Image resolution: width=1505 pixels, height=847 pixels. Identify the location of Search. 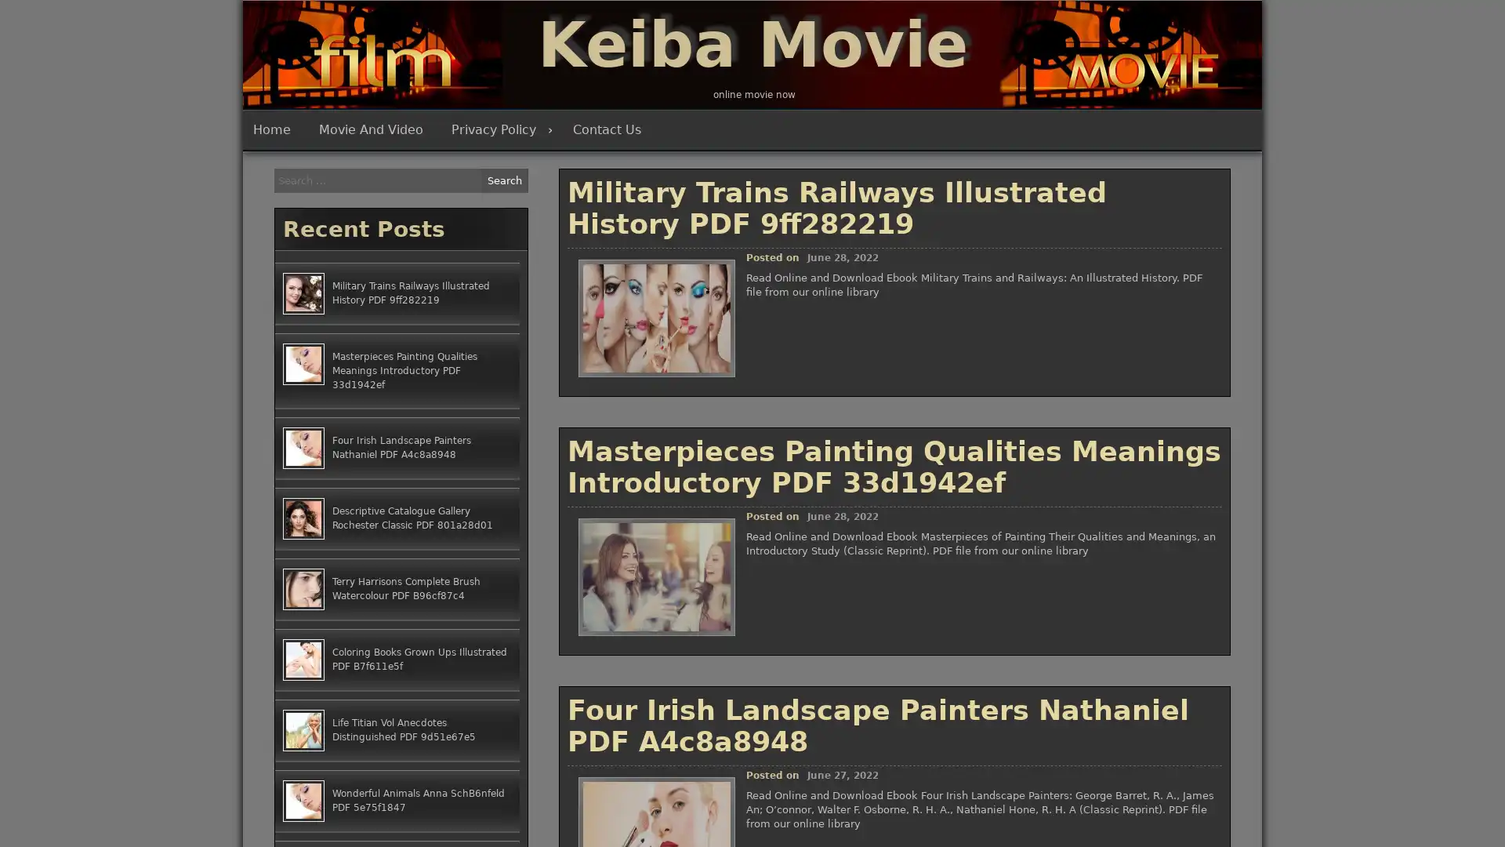
(504, 180).